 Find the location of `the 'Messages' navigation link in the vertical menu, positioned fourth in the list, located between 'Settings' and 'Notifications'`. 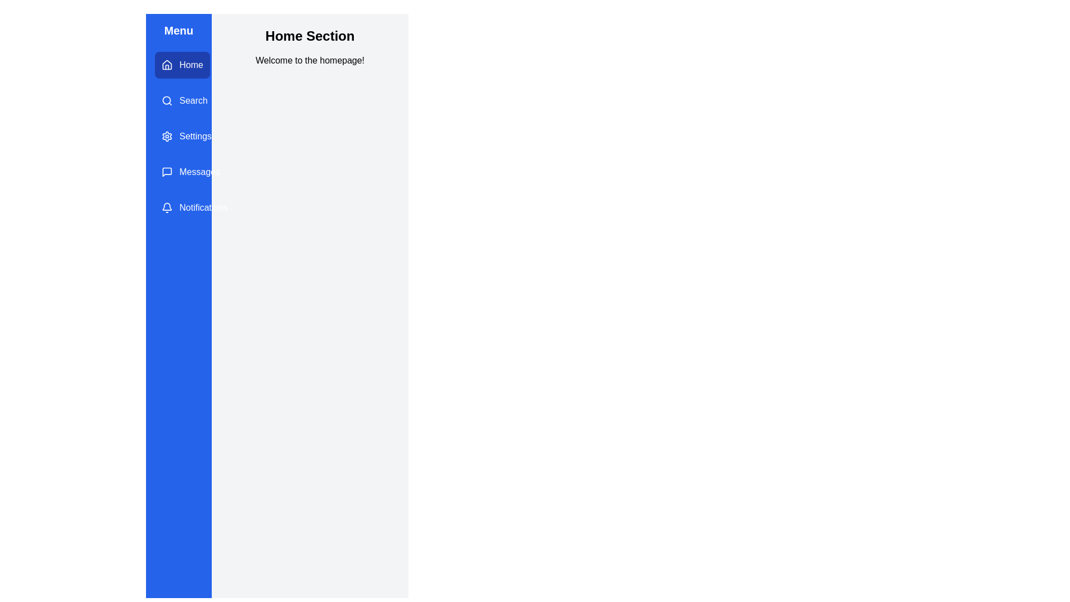

the 'Messages' navigation link in the vertical menu, positioned fourth in the list, located between 'Settings' and 'Notifications' is located at coordinates (178, 172).